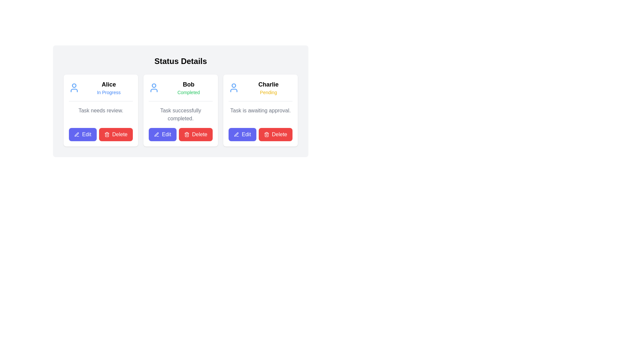 The width and height of the screenshot is (636, 358). Describe the element at coordinates (156, 134) in the screenshot. I see `the pen-shaped edit icon located to the left within the Edit button of the second card corresponding to user 'Bob' to initiate the edit action` at that location.